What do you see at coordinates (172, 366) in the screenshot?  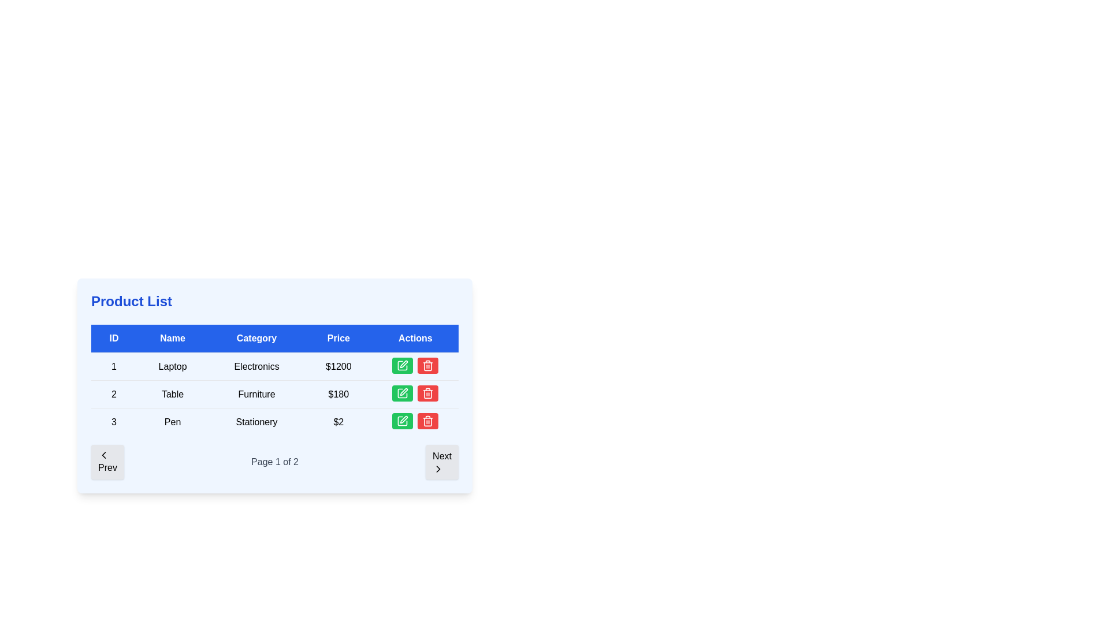 I see `the text label displaying 'Laptop' in the 'Name' column of the table, located in the first row with ID 1` at bounding box center [172, 366].